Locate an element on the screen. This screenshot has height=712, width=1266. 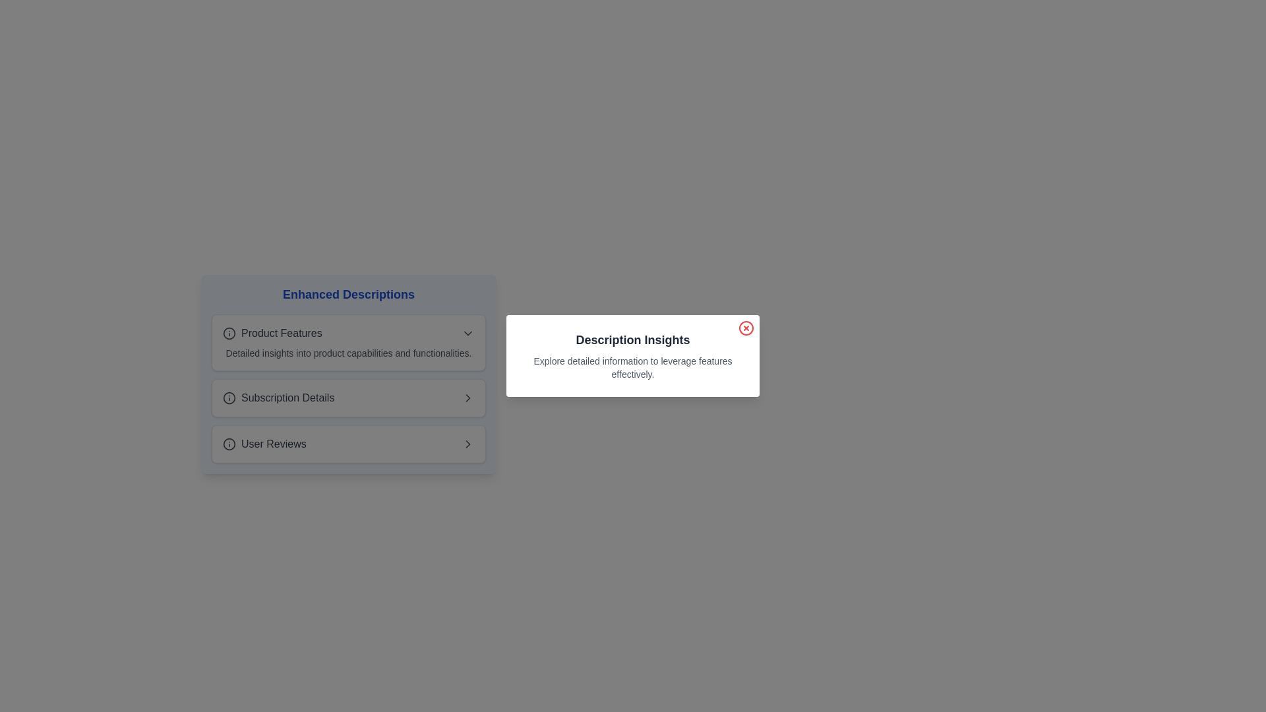
the small circular gray icon with an 'i' symbol, located to the left of the text 'User Reviews' in the third option row of the 'Enhanced Descriptions' card is located at coordinates (229, 444).